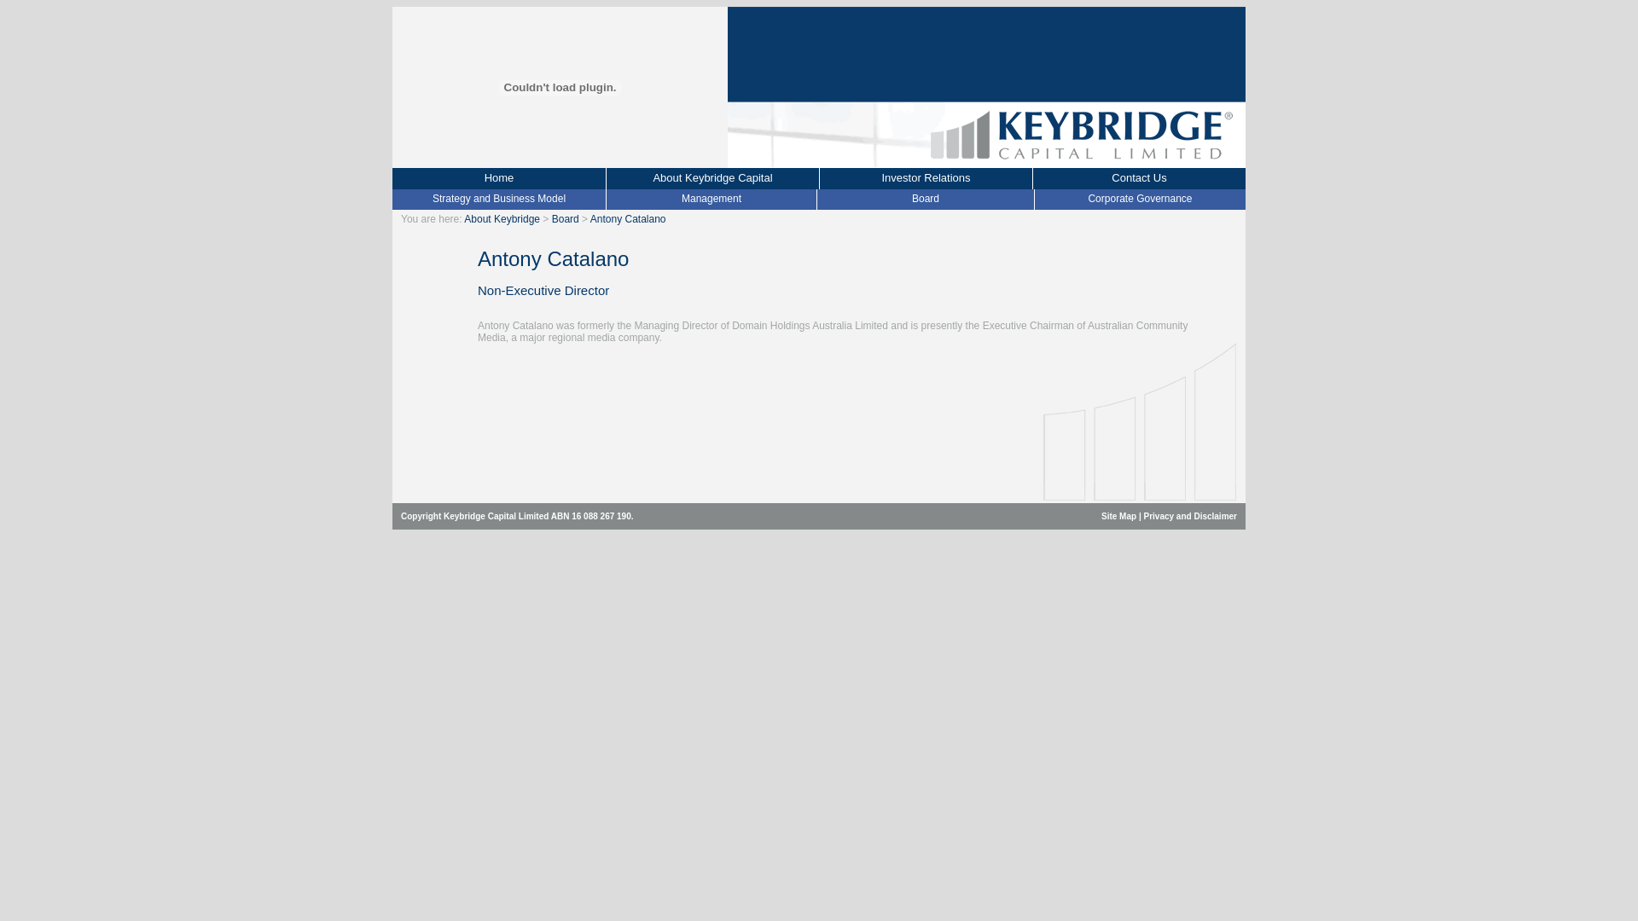 This screenshot has width=1638, height=921. What do you see at coordinates (712, 178) in the screenshot?
I see `'About Keybridge Capital'` at bounding box center [712, 178].